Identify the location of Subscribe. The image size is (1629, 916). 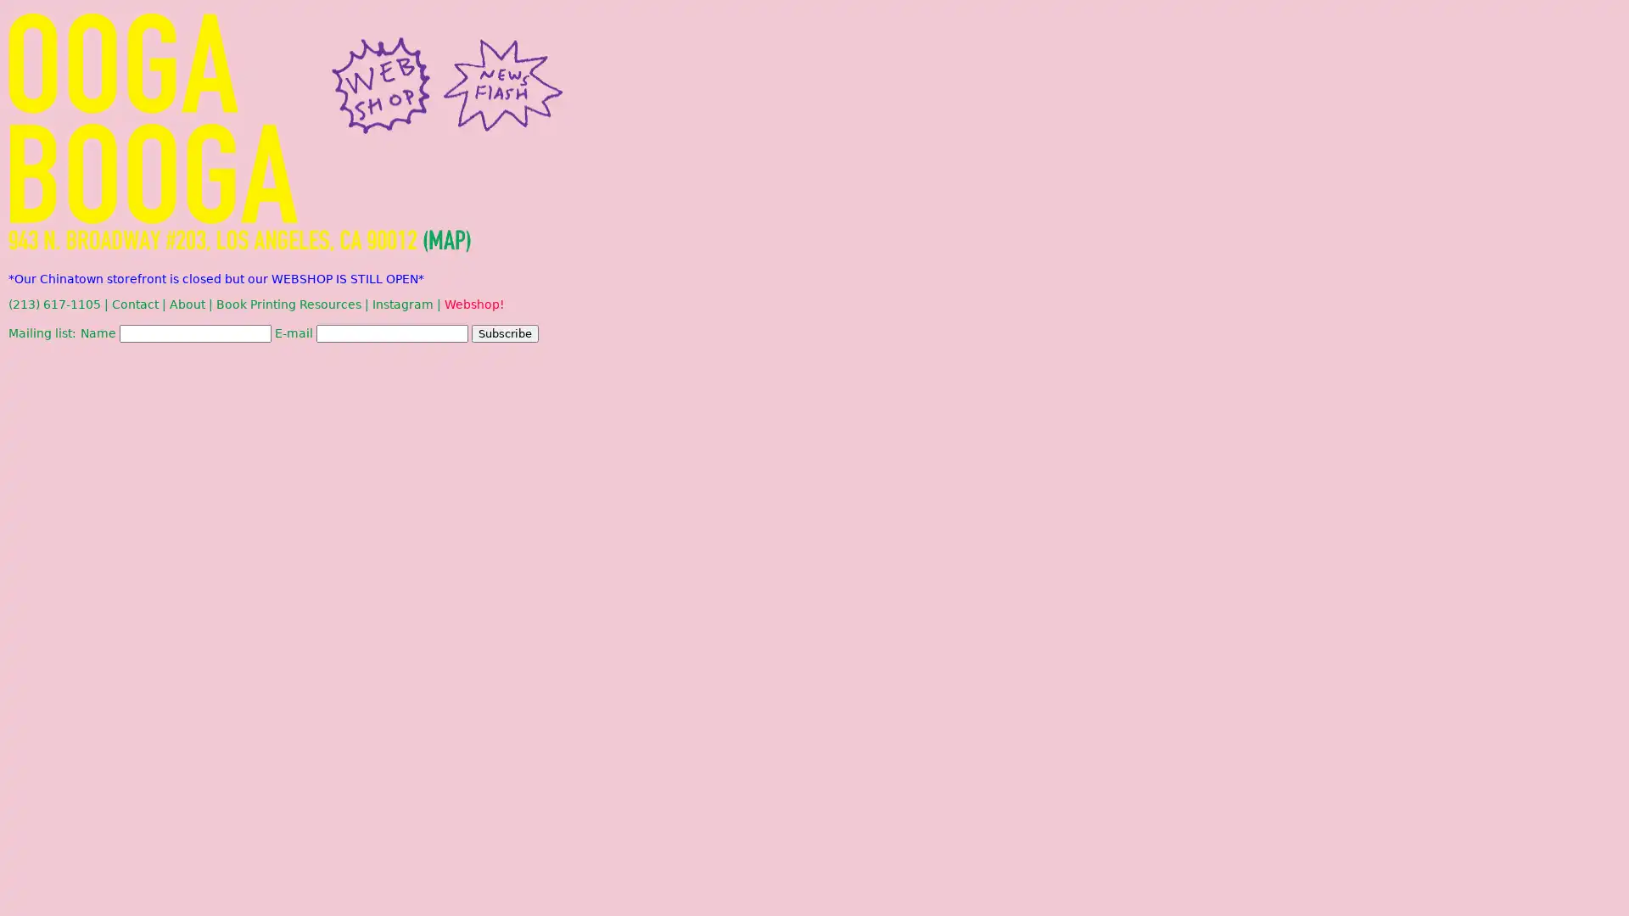
(504, 333).